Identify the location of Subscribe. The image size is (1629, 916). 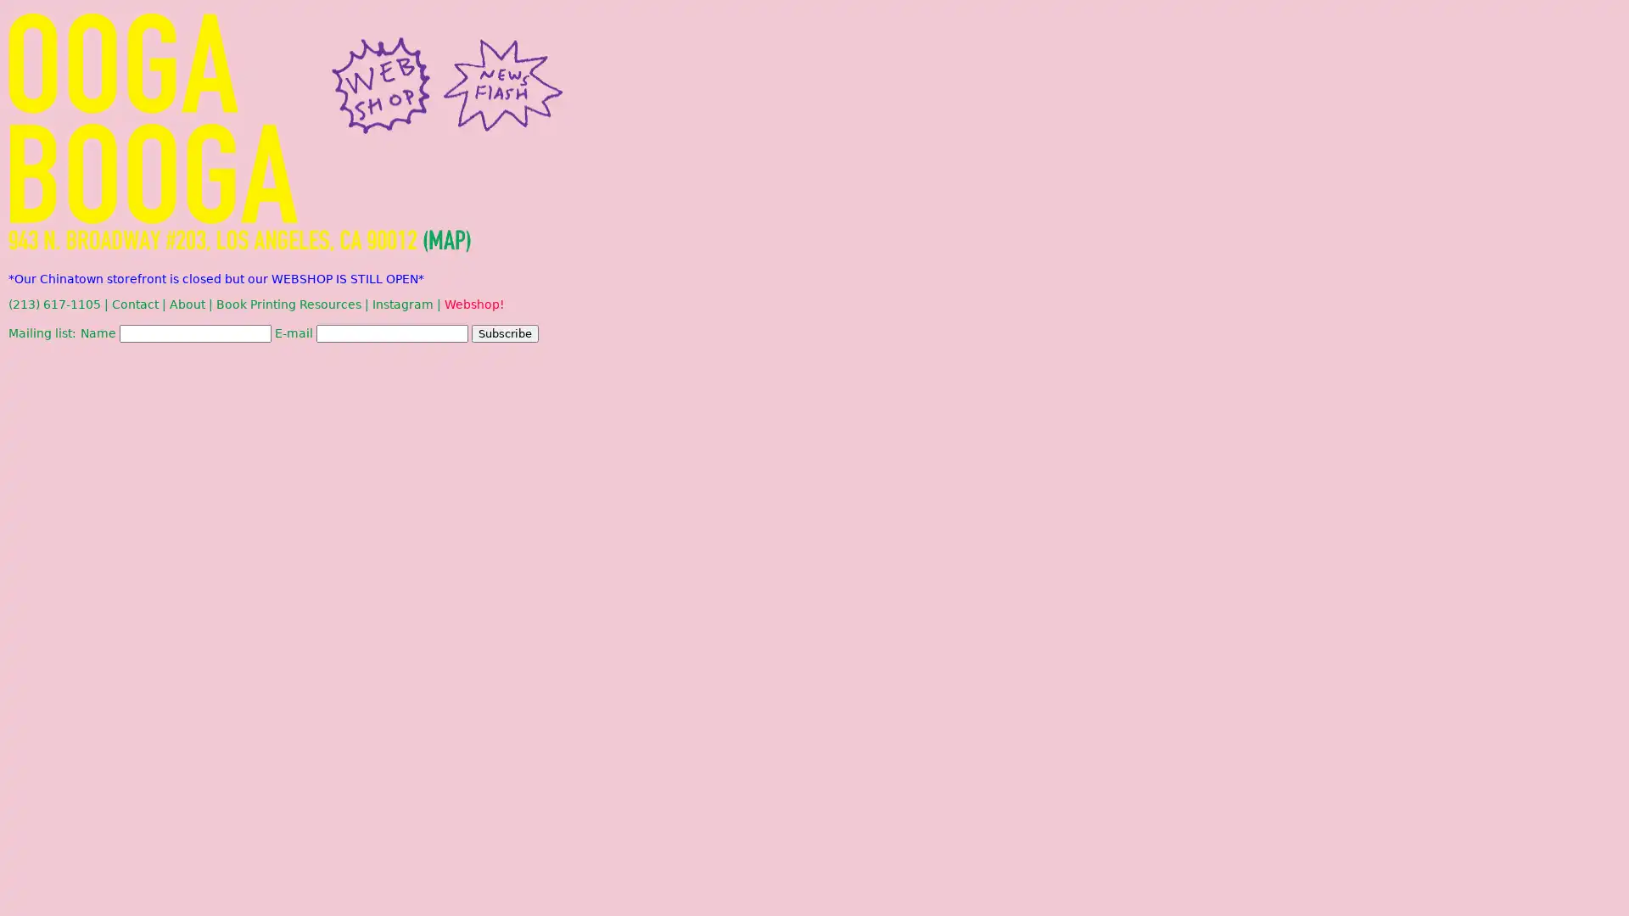
(504, 333).